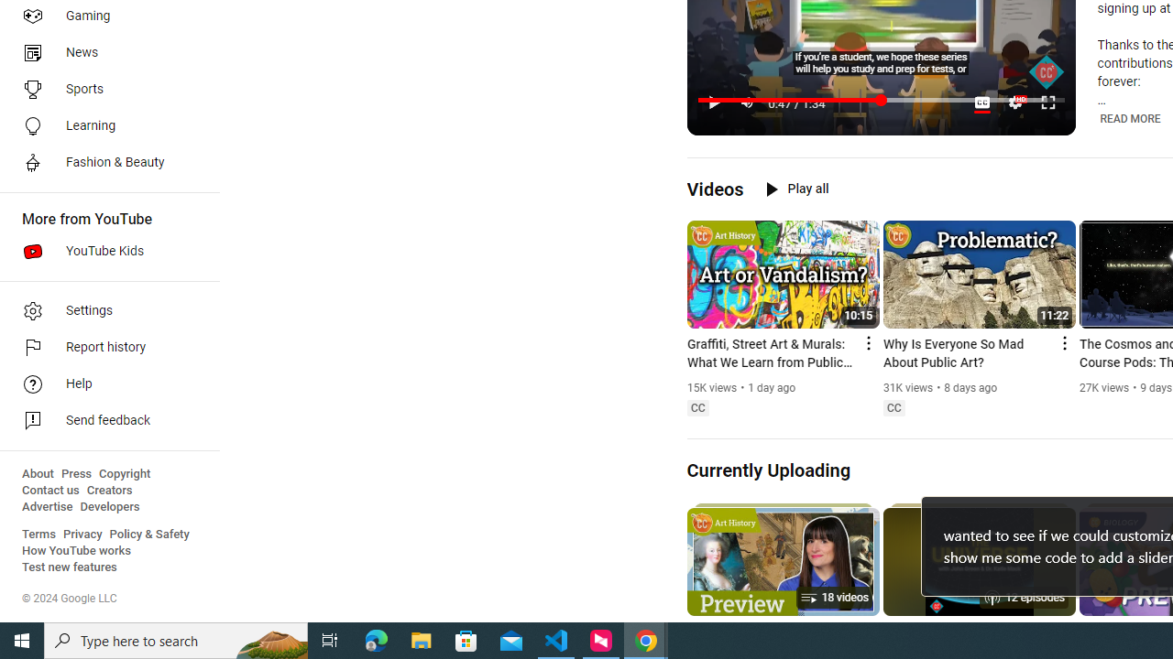  Describe the element at coordinates (50, 490) in the screenshot. I see `'Contact us'` at that location.